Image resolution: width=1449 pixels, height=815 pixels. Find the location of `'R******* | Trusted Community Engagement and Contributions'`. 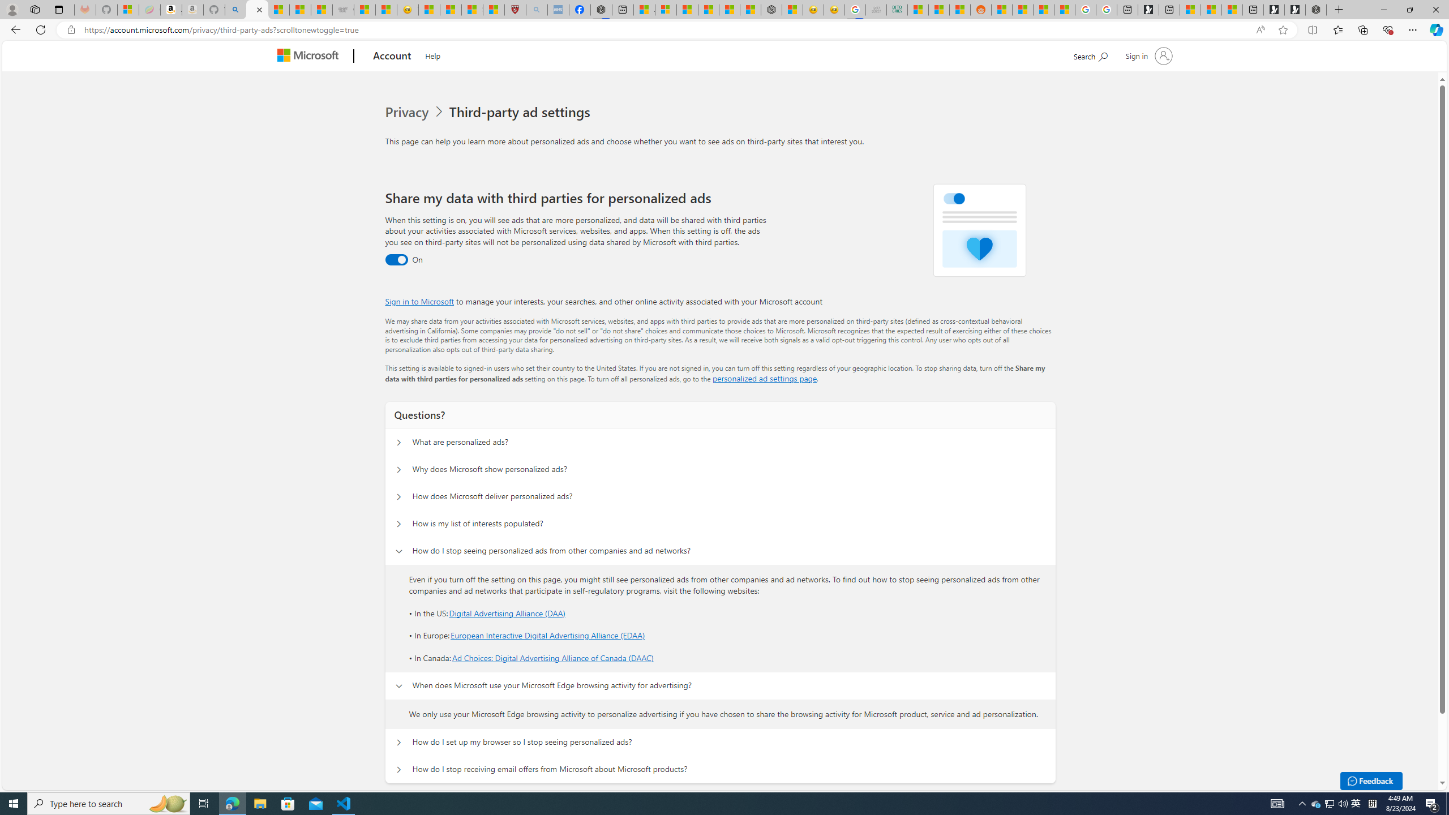

'R******* | Trusted Community Engagement and Contributions' is located at coordinates (1001, 9).